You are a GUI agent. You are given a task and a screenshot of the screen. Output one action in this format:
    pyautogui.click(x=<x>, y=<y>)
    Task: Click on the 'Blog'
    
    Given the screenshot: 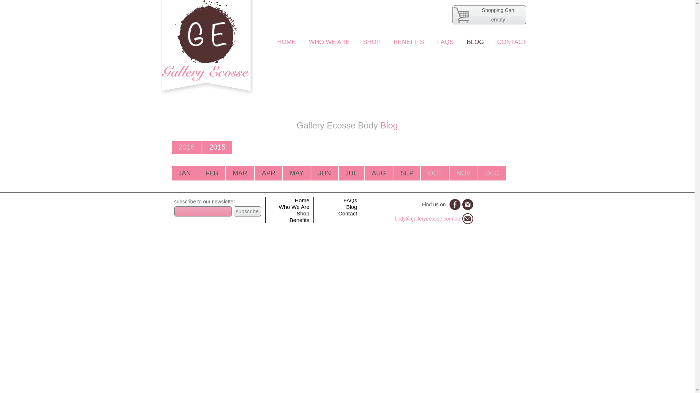 What is the action you would take?
    pyautogui.click(x=351, y=207)
    